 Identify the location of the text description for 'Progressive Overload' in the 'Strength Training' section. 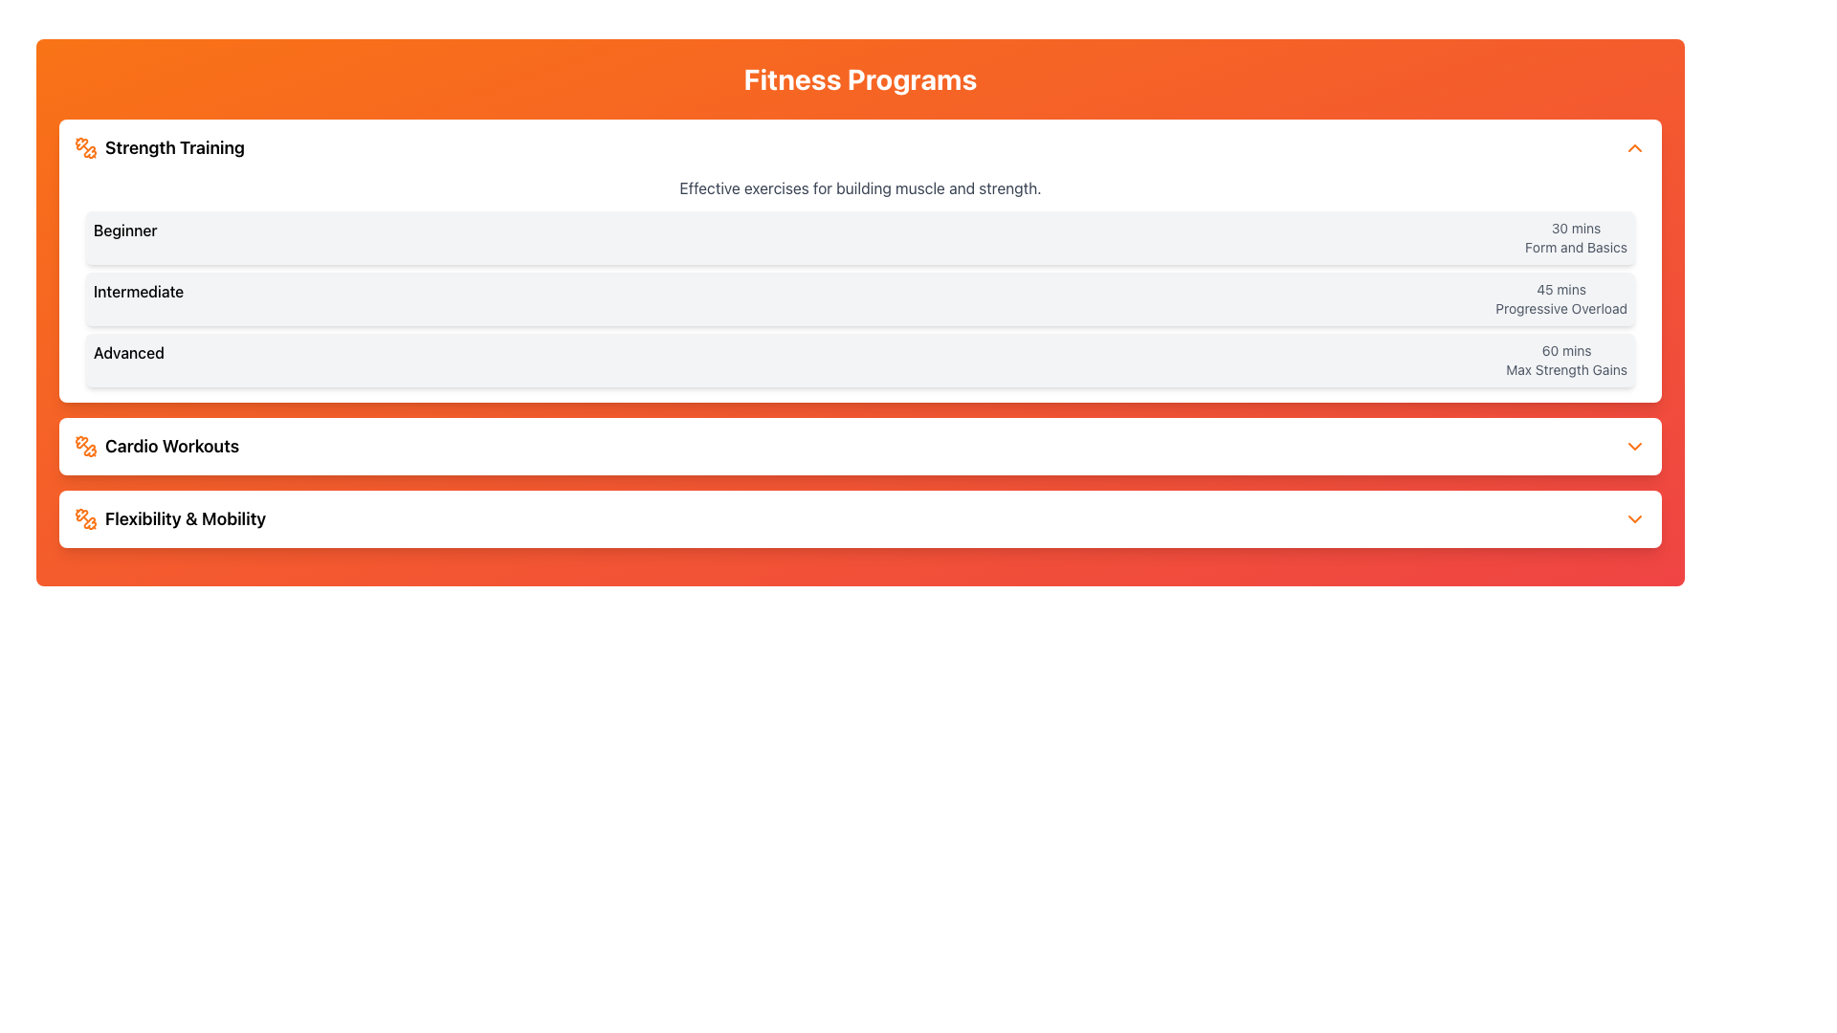
(1561, 298).